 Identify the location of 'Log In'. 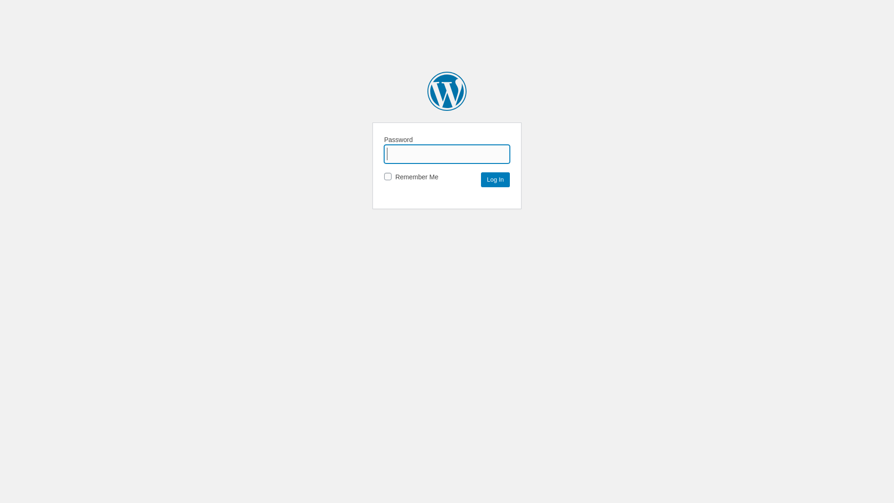
(495, 179).